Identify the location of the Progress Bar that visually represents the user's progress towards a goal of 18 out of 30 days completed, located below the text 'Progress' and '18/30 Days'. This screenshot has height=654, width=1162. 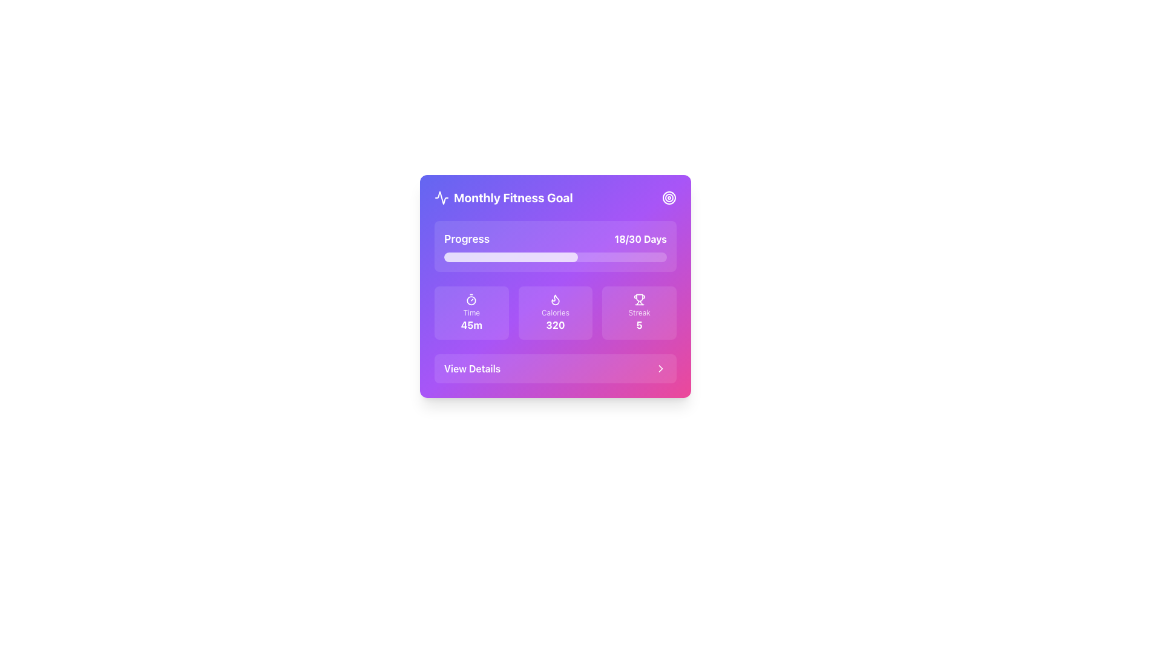
(554, 256).